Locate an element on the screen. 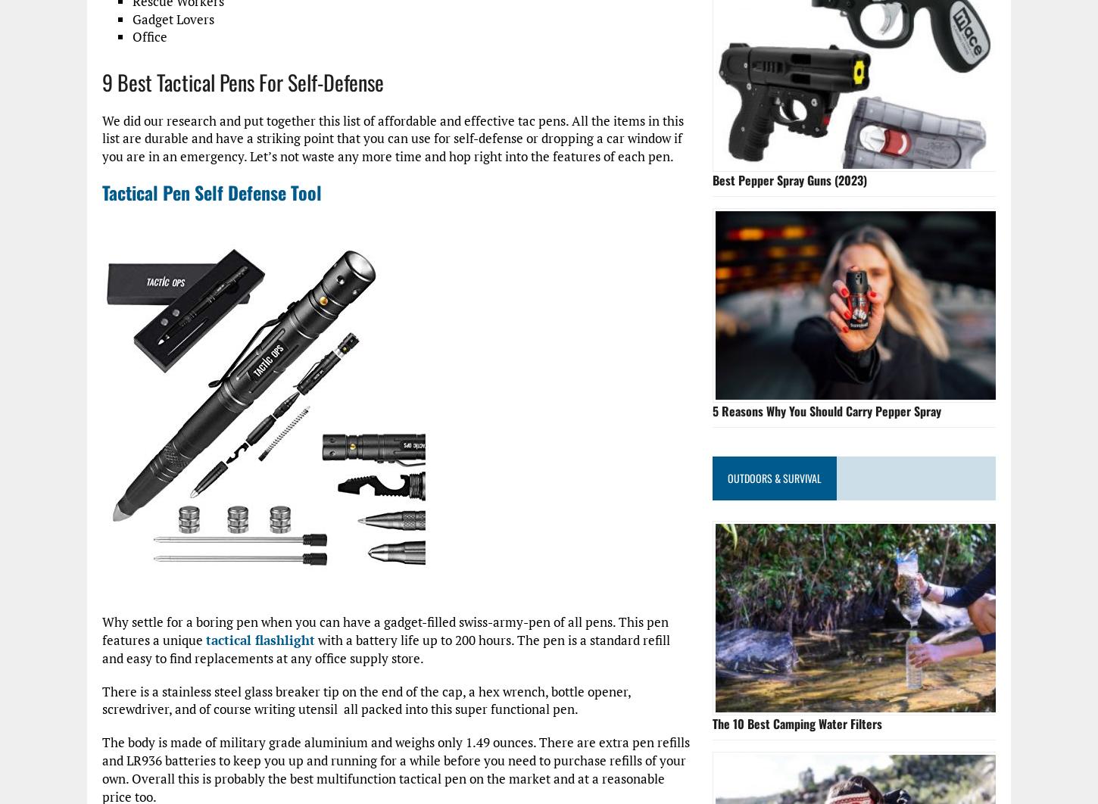  '5 Reasons Why You Should Carry Pepper Spray' is located at coordinates (825, 410).